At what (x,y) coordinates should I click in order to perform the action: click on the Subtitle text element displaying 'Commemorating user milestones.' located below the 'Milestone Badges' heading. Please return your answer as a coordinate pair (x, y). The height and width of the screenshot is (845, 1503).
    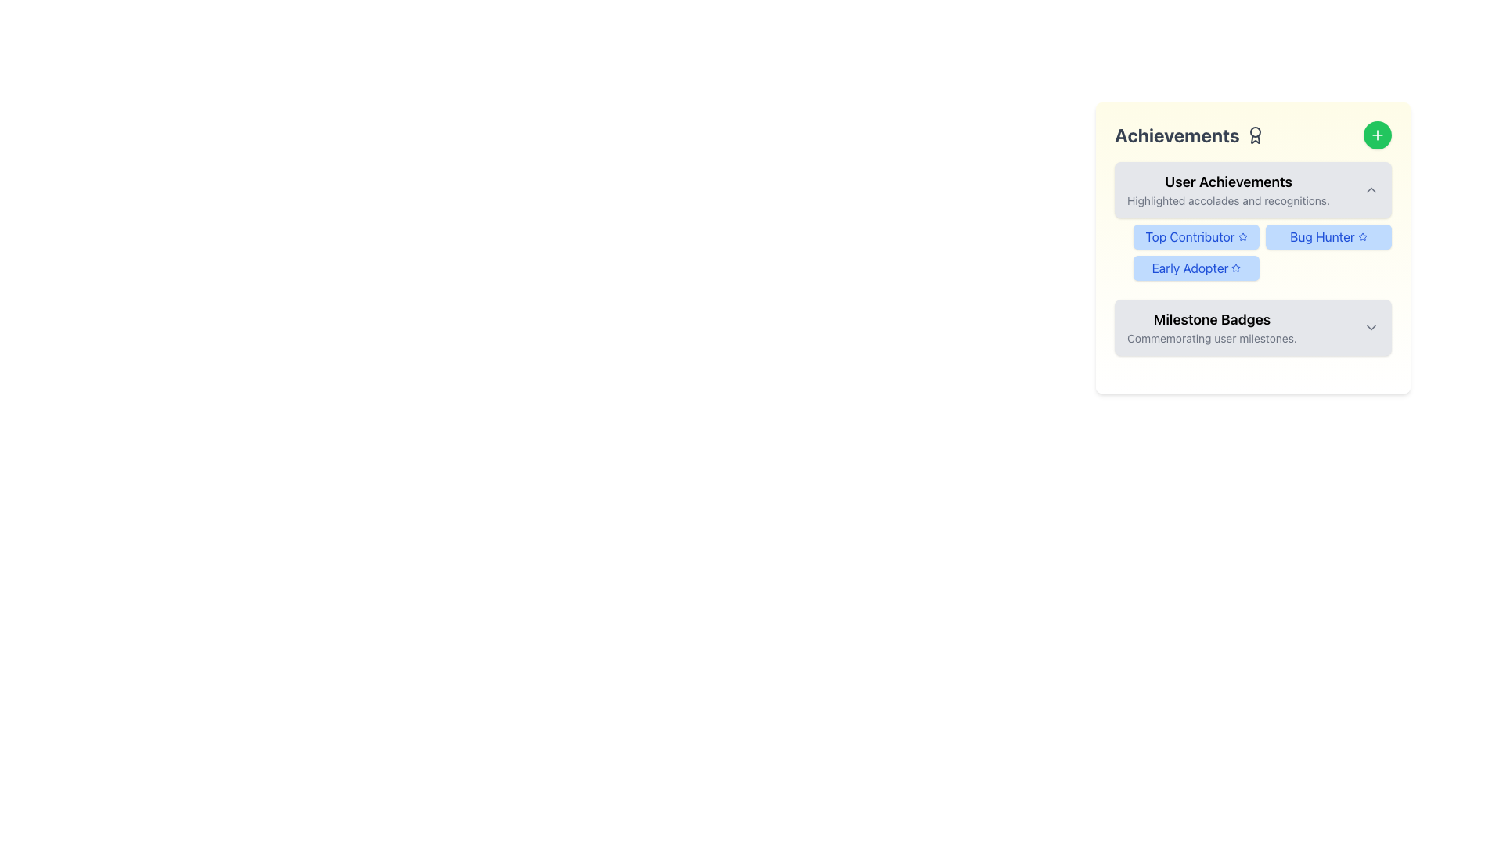
    Looking at the image, I should click on (1211, 337).